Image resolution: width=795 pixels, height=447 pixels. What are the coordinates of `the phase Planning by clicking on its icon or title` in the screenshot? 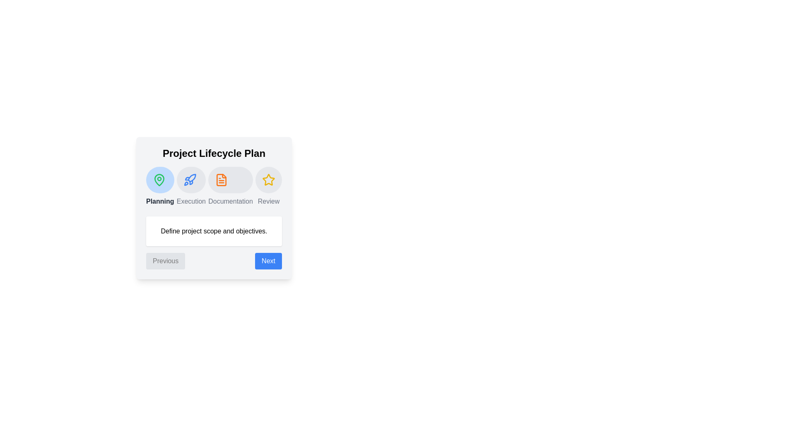 It's located at (159, 180).